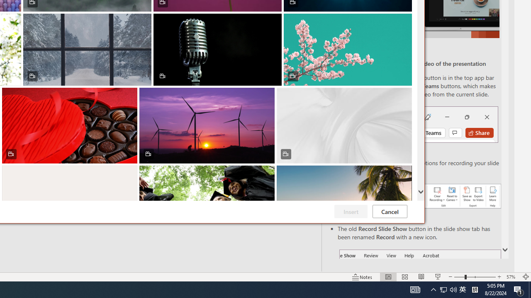 The width and height of the screenshot is (531, 298). What do you see at coordinates (519, 289) in the screenshot?
I see `'Action Center, 1 new notification'` at bounding box center [519, 289].